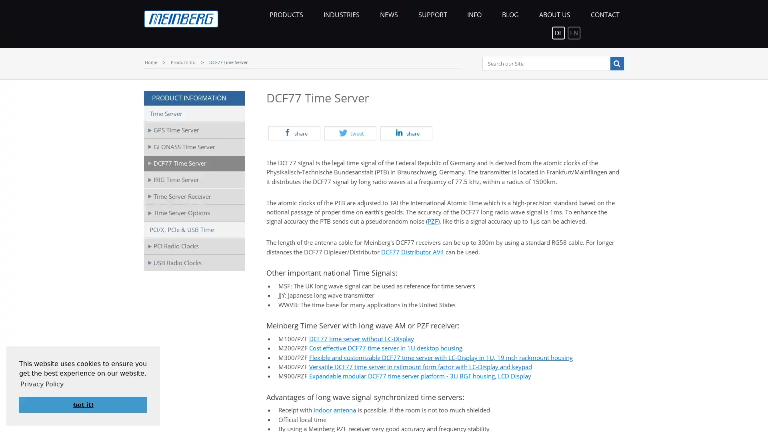  I want to click on Share on Twitter, so click(350, 133).